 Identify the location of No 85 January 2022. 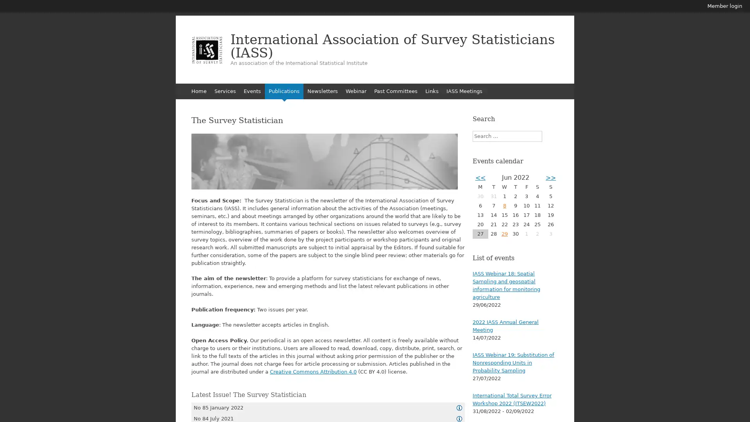
(328, 407).